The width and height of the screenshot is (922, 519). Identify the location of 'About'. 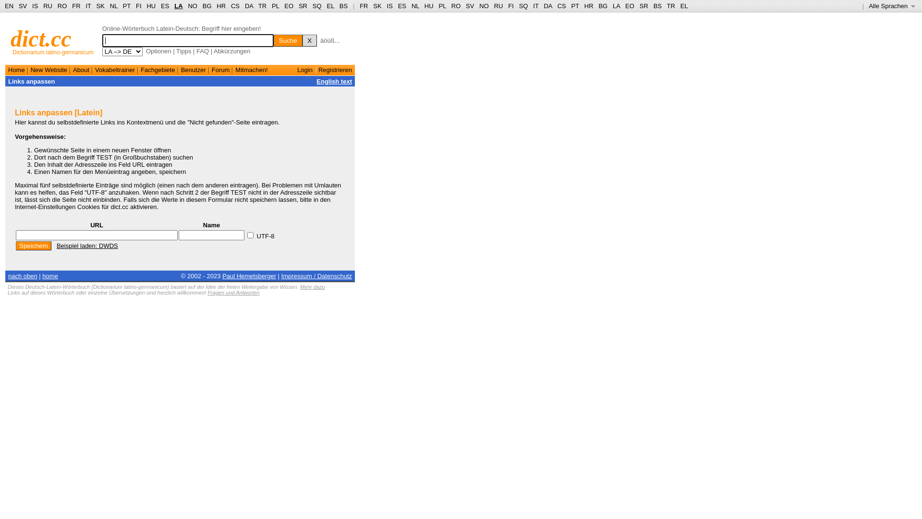
(81, 69).